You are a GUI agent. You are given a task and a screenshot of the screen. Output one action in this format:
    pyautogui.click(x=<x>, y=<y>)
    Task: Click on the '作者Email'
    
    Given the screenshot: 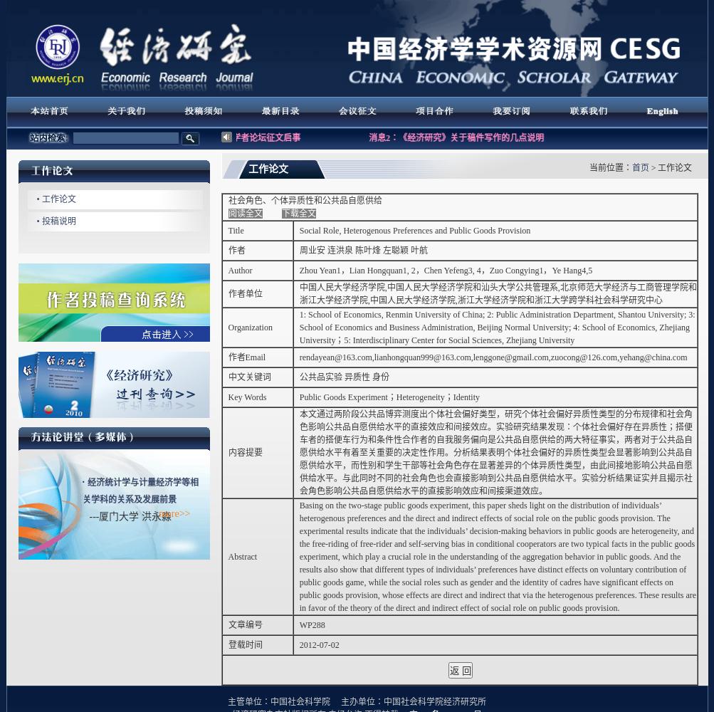 What is the action you would take?
    pyautogui.click(x=246, y=357)
    